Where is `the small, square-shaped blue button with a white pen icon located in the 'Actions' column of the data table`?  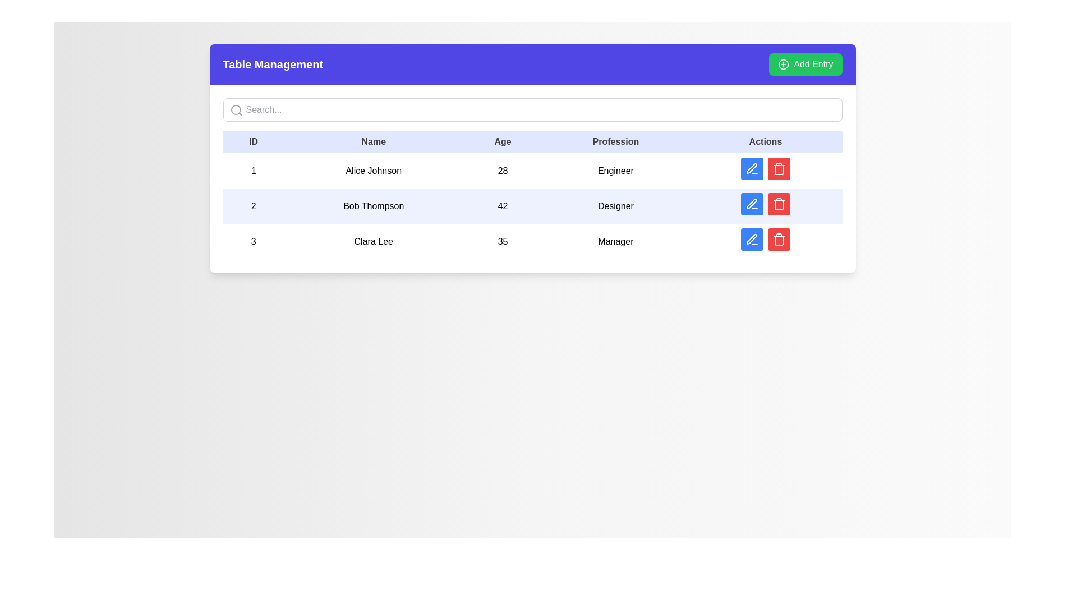
the small, square-shaped blue button with a white pen icon located in the 'Actions' column of the data table is located at coordinates (752, 168).